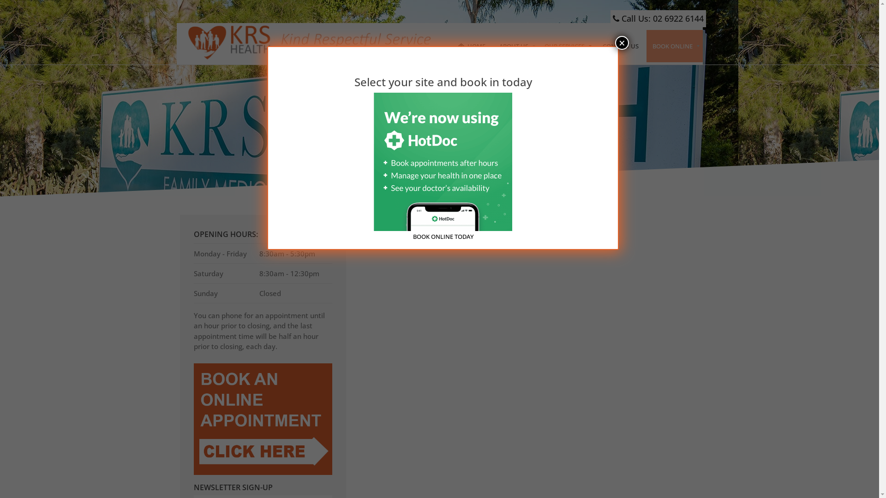 This screenshot has width=886, height=498. Describe the element at coordinates (620, 46) in the screenshot. I see `'CONTACT US'` at that location.